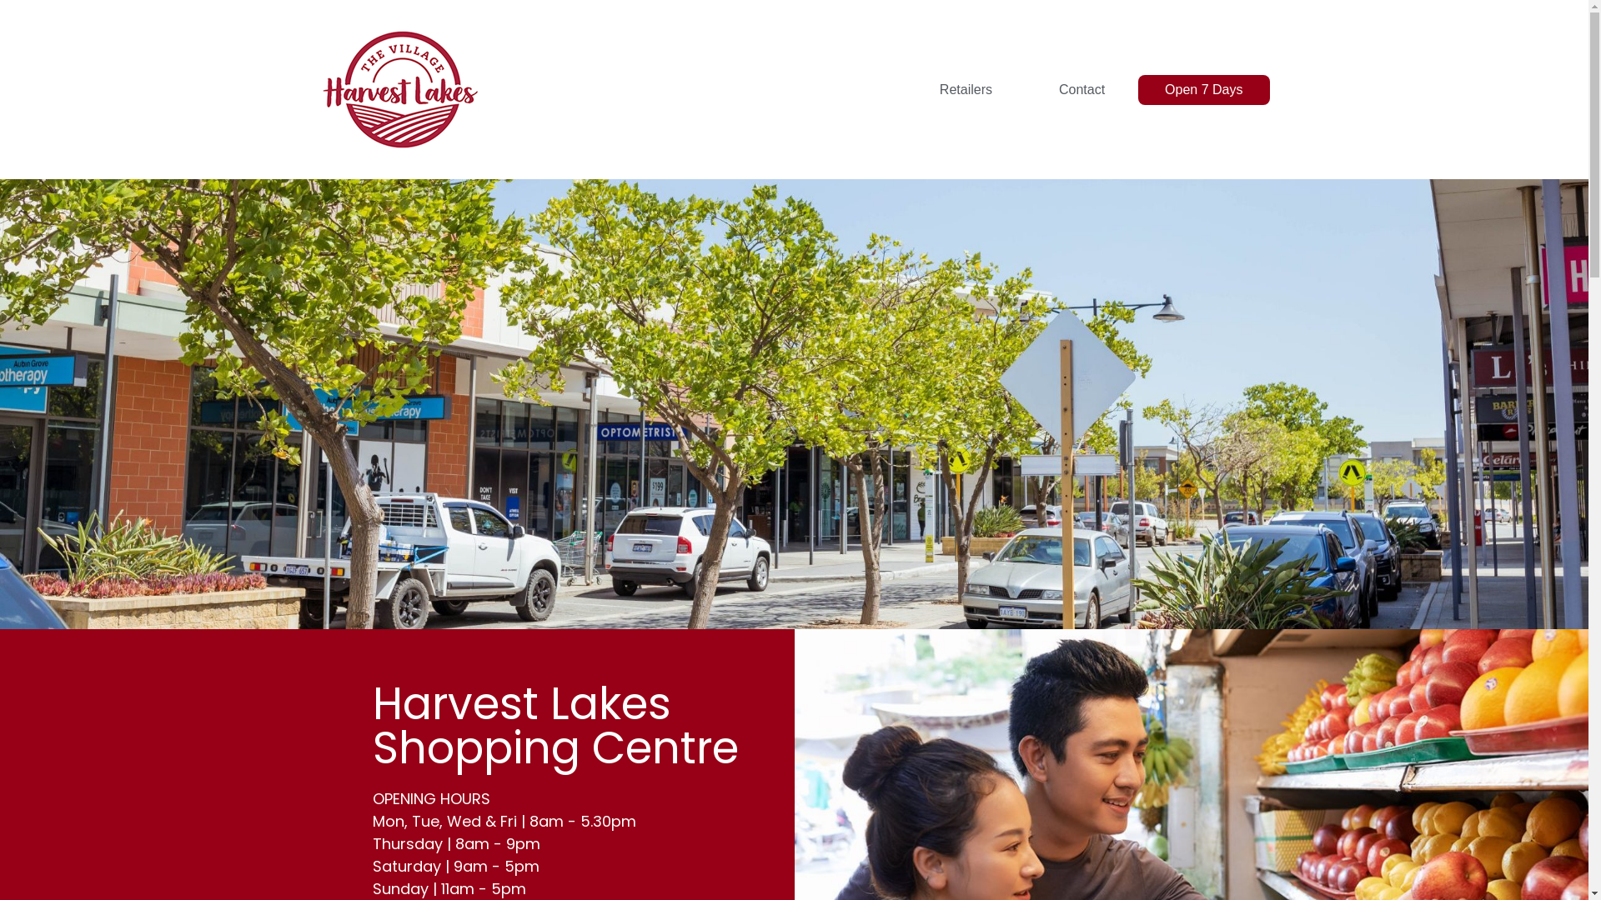 The image size is (1601, 900). What do you see at coordinates (966, 90) in the screenshot?
I see `'Retailers'` at bounding box center [966, 90].